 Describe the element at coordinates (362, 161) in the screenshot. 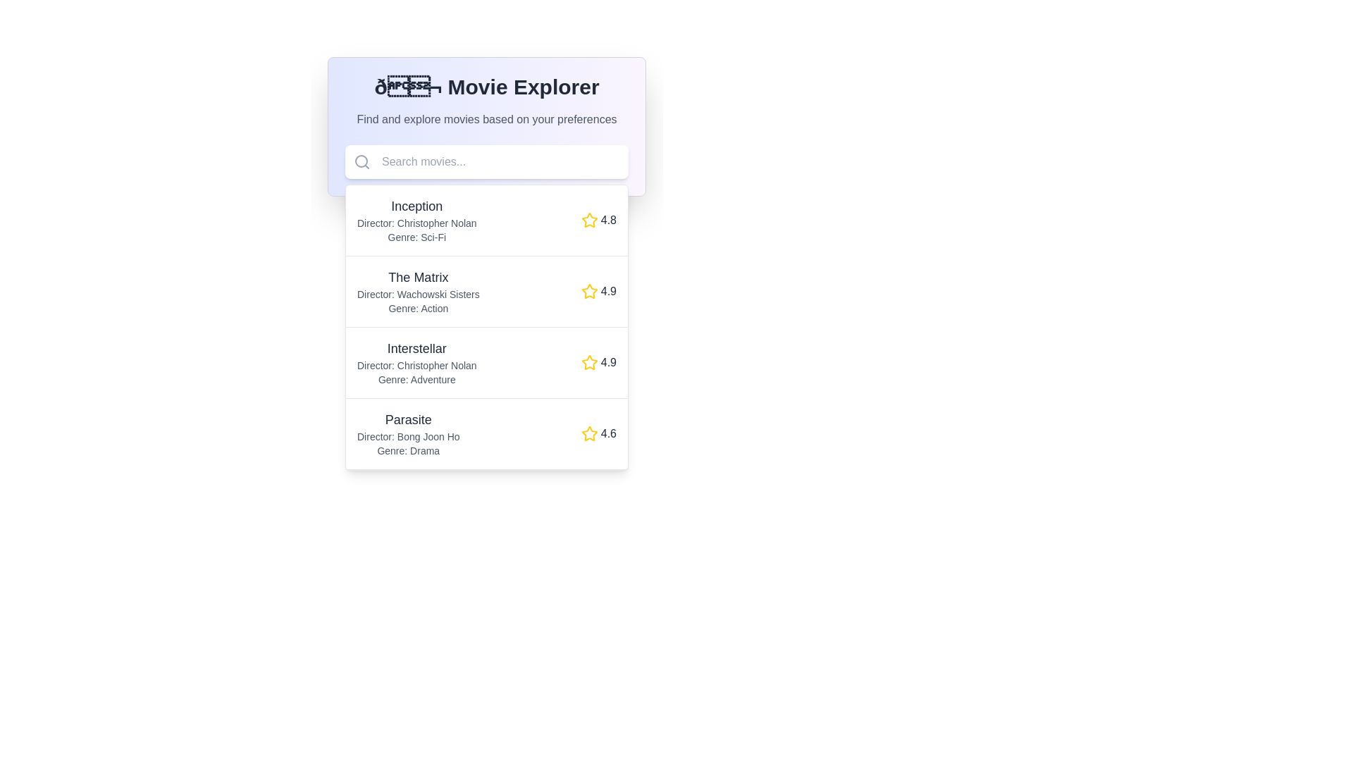

I see `the magnifying glass icon, which is styled gray and located on the left side of the search bar` at that location.